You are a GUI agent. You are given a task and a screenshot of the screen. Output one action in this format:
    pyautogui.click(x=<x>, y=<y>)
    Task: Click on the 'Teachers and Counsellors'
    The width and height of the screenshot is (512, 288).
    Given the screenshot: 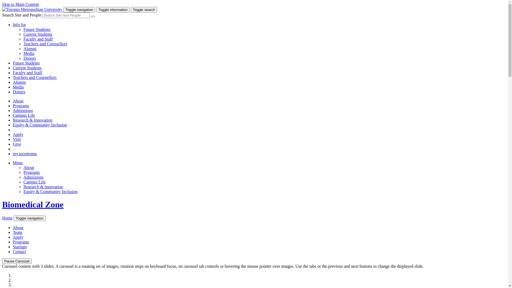 What is the action you would take?
    pyautogui.click(x=45, y=43)
    